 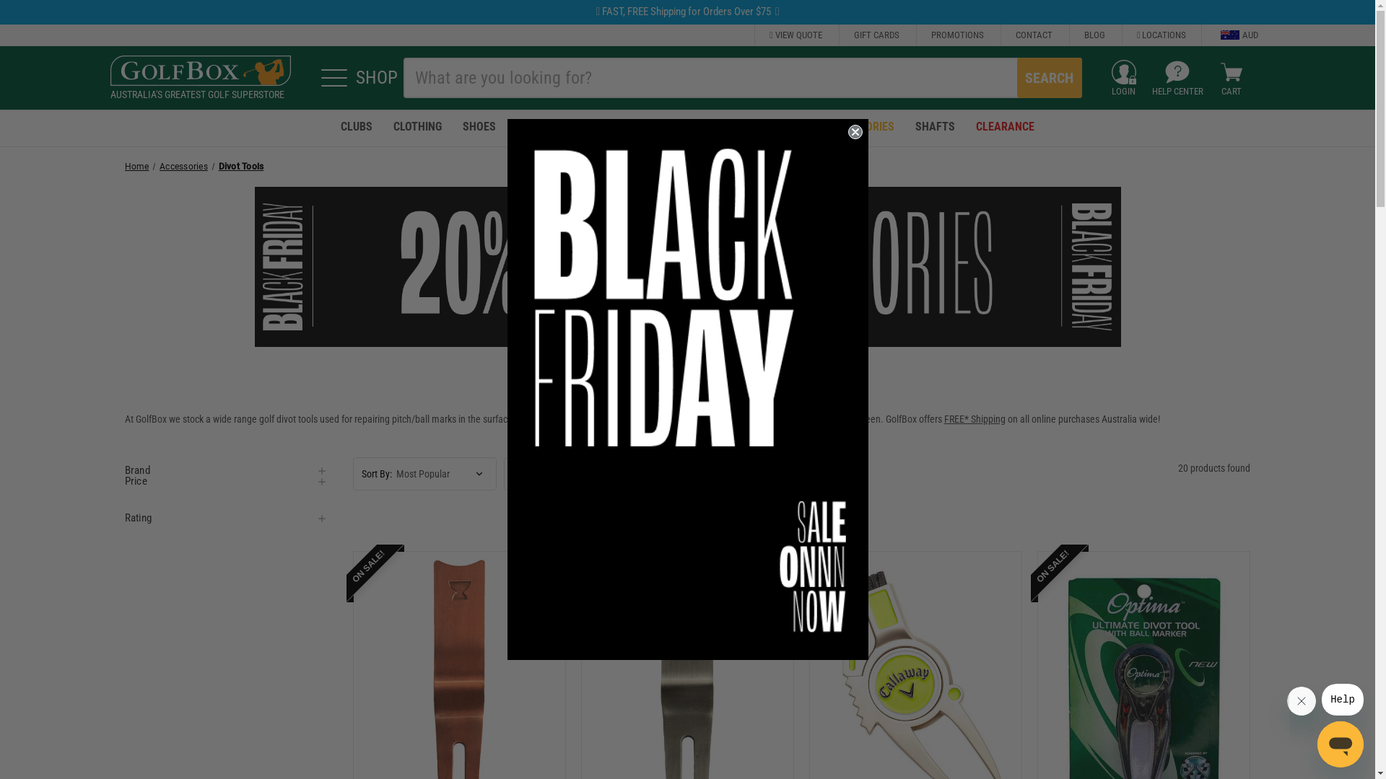 I want to click on 'Home', so click(x=136, y=166).